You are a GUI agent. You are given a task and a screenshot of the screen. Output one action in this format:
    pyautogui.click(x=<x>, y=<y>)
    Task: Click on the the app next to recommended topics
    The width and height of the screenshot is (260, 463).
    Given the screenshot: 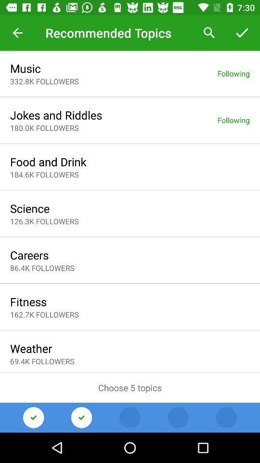 What is the action you would take?
    pyautogui.click(x=209, y=33)
    